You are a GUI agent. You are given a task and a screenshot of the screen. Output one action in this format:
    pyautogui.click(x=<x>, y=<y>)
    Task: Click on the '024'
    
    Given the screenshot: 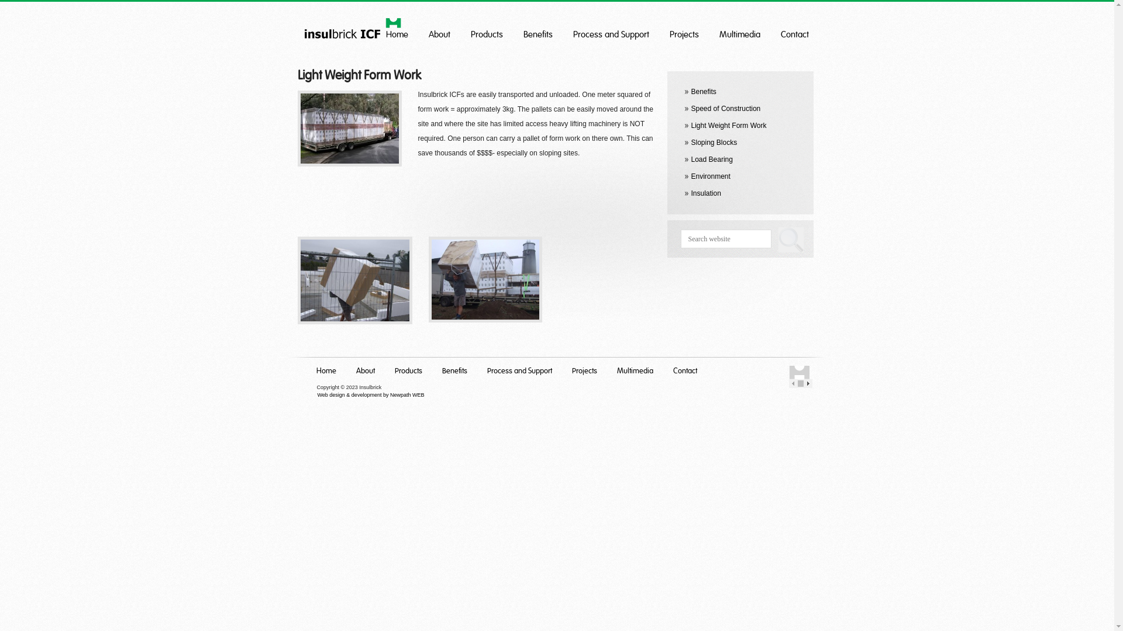 What is the action you would take?
    pyautogui.click(x=353, y=280)
    